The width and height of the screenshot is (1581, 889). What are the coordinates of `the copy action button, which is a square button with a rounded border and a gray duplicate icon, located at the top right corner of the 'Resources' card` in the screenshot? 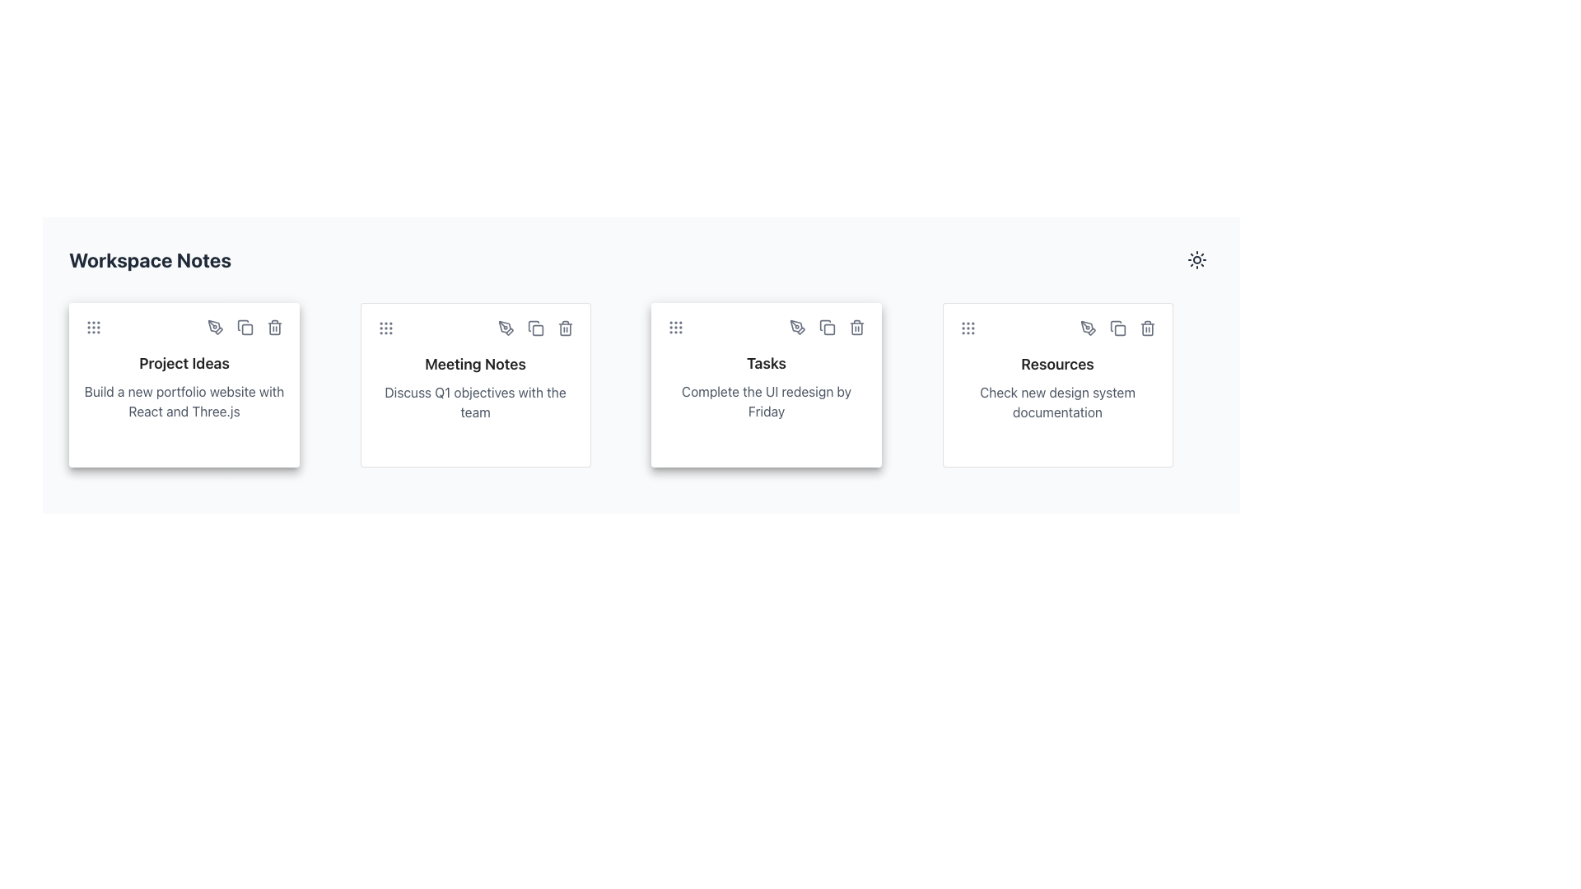 It's located at (1117, 328).